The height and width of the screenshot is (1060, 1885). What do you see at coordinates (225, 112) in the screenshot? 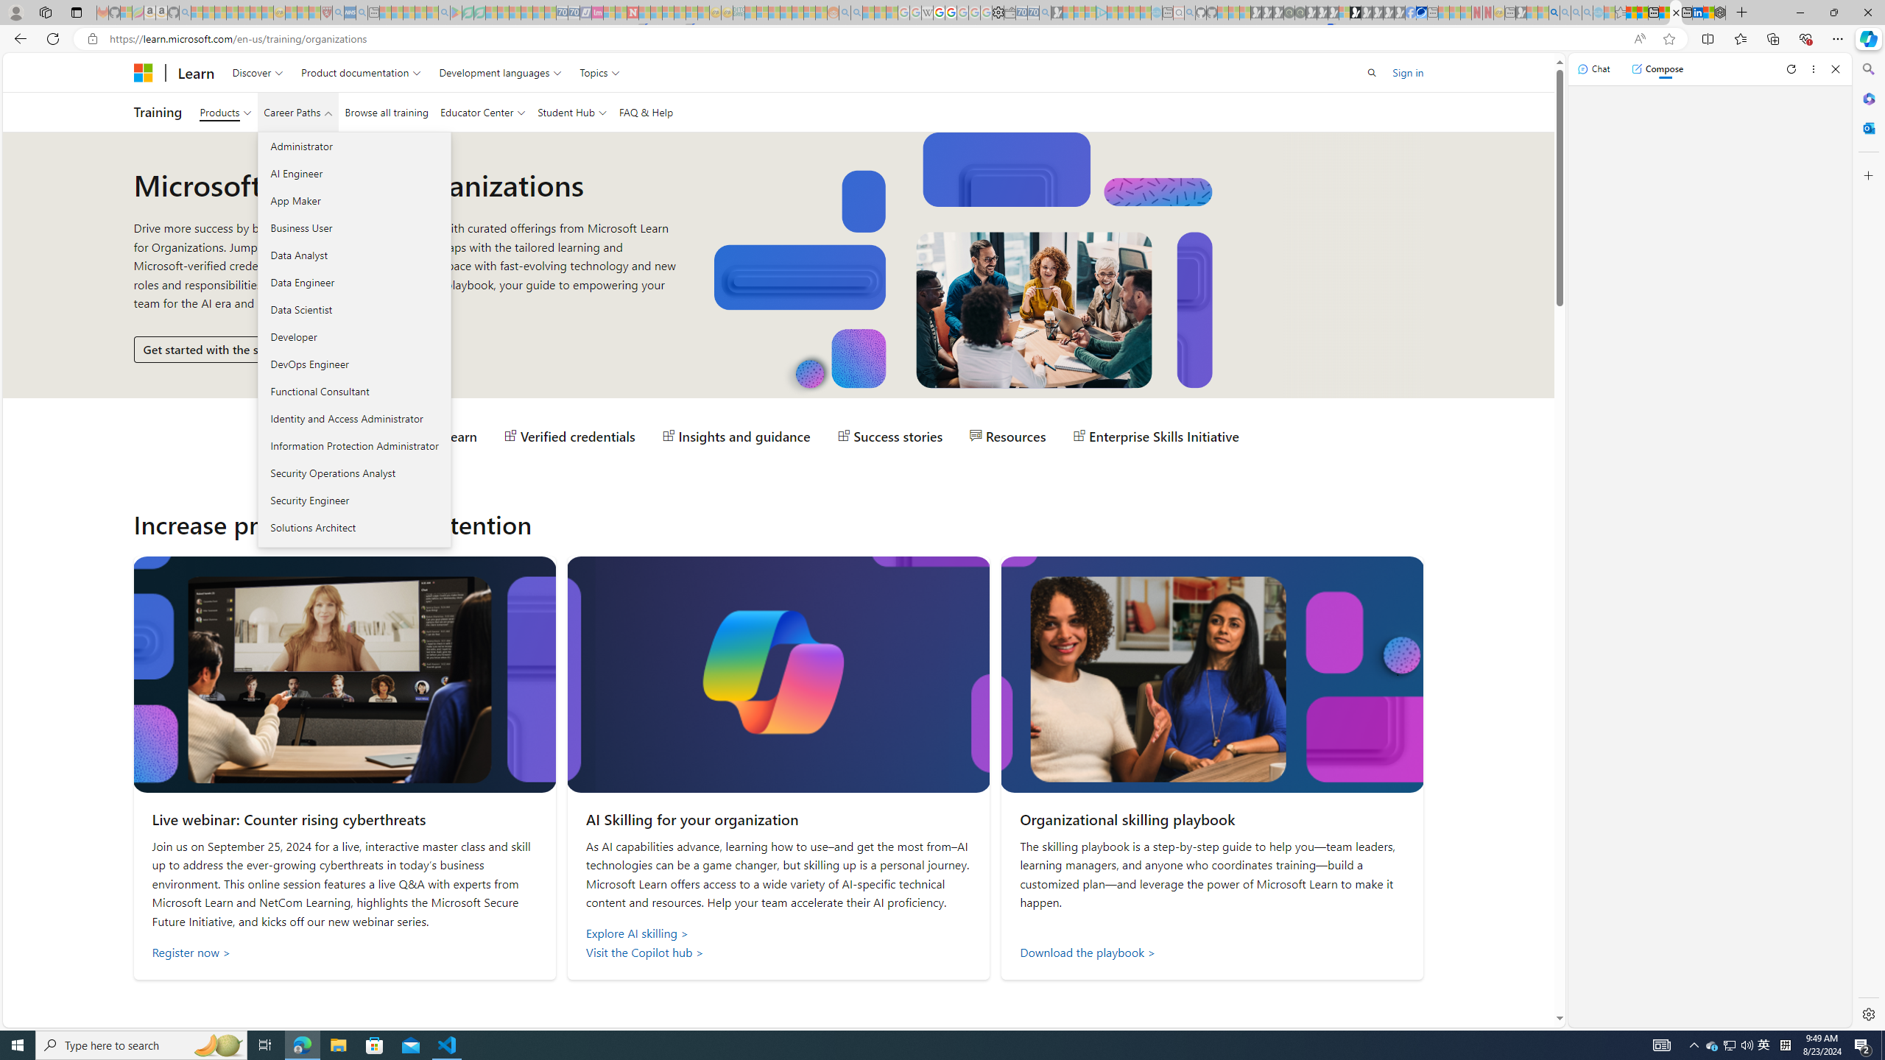
I see `'Products'` at bounding box center [225, 112].